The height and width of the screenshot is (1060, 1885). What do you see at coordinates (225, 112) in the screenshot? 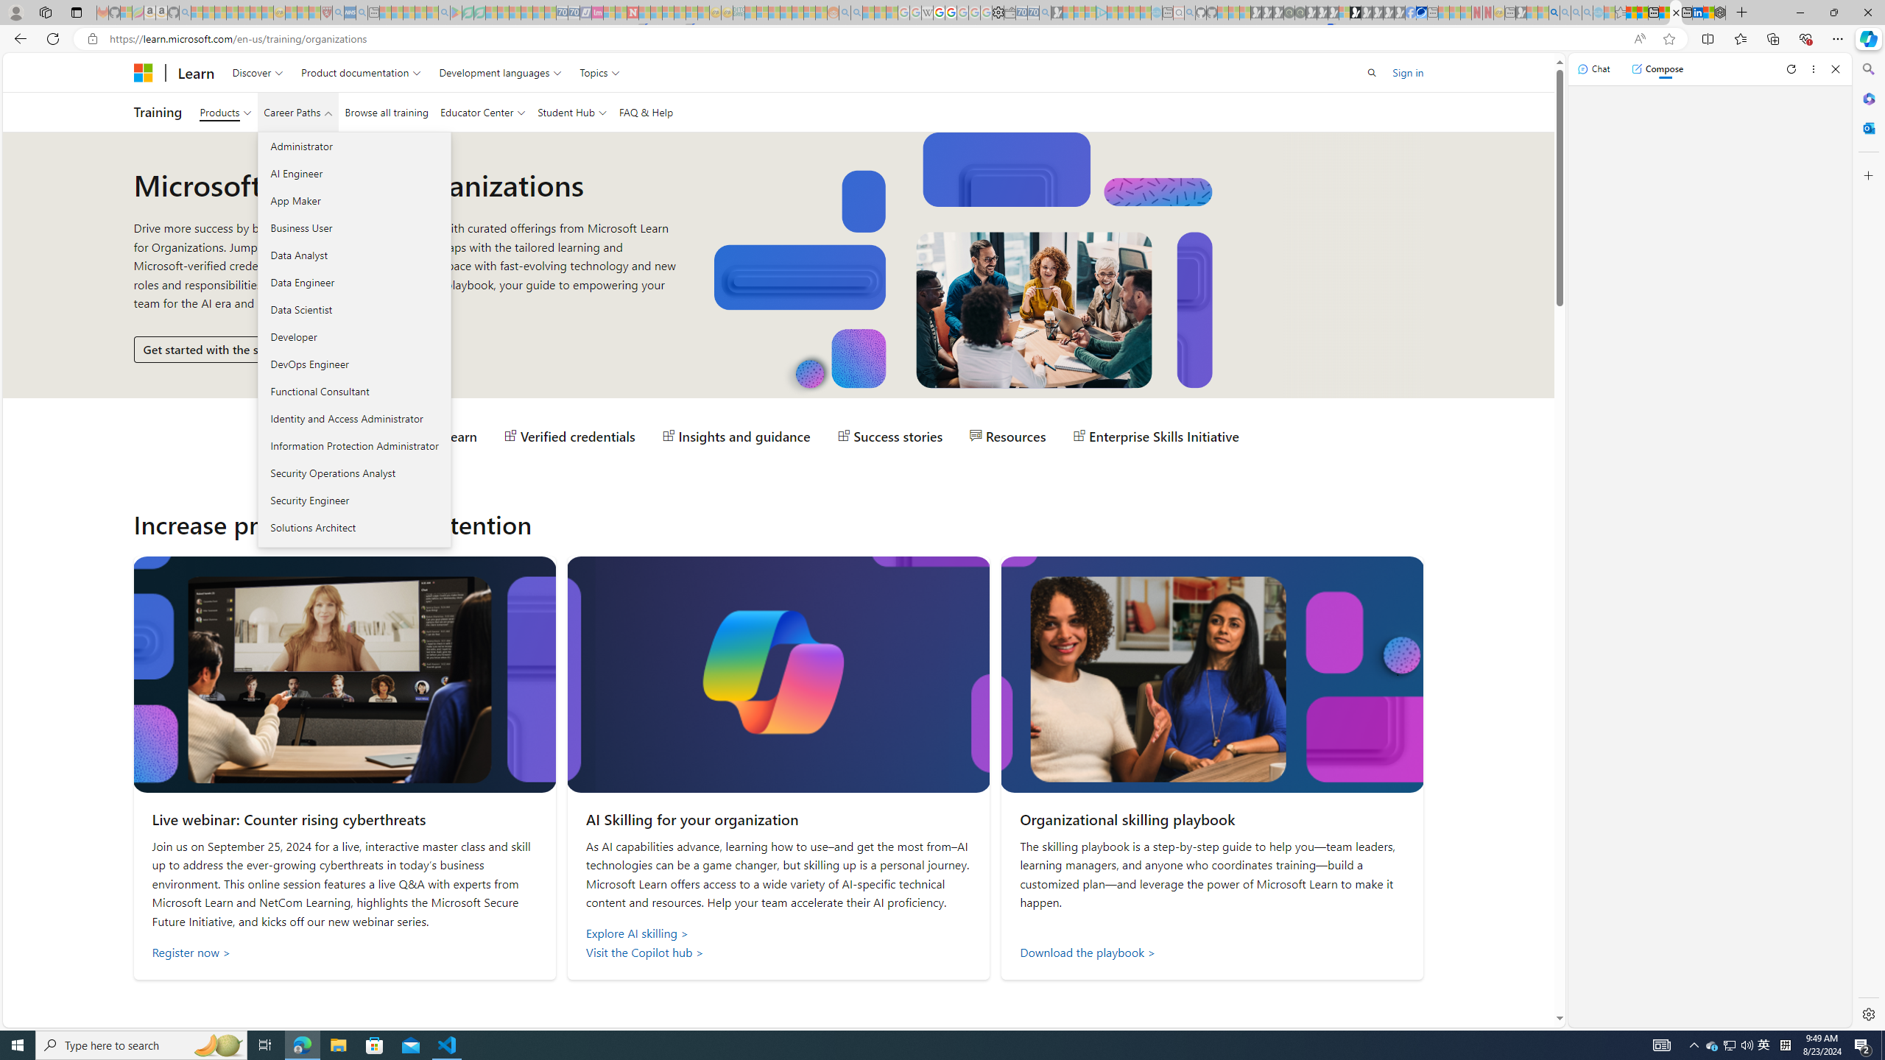
I see `'Products'` at bounding box center [225, 112].